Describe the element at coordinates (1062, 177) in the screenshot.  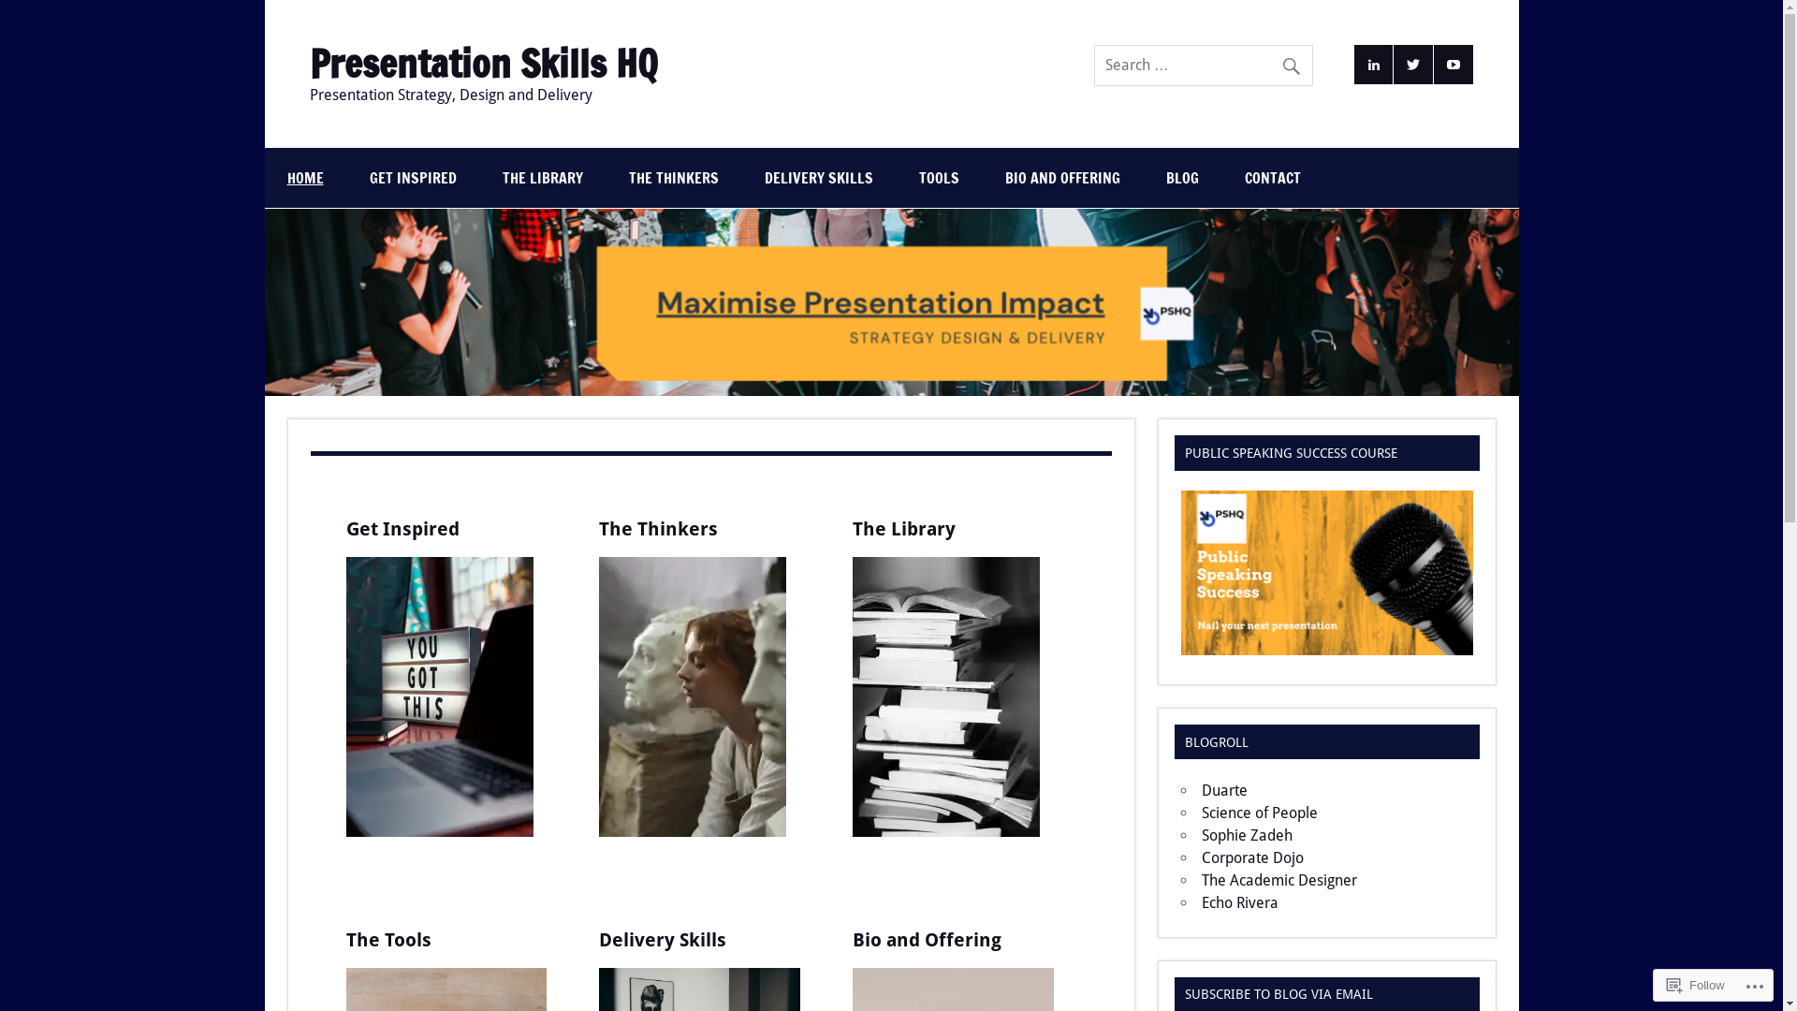
I see `'BIO AND OFFERING'` at that location.